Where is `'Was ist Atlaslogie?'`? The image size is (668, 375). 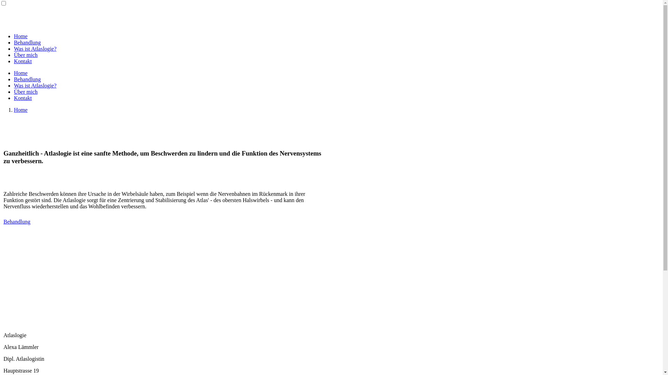 'Was ist Atlaslogie?' is located at coordinates (34, 48).